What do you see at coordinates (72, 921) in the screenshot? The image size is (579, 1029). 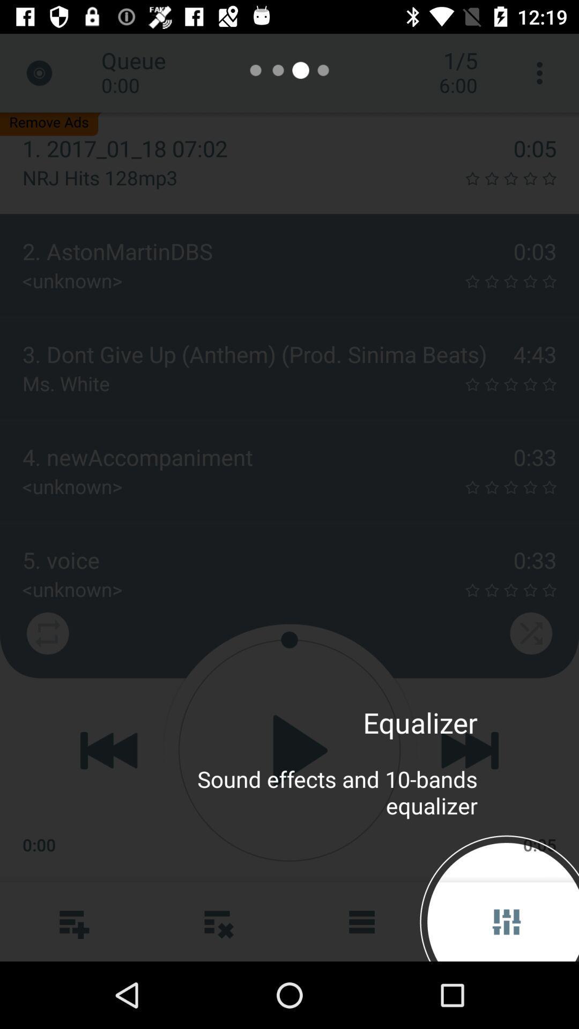 I see `the more icon` at bounding box center [72, 921].